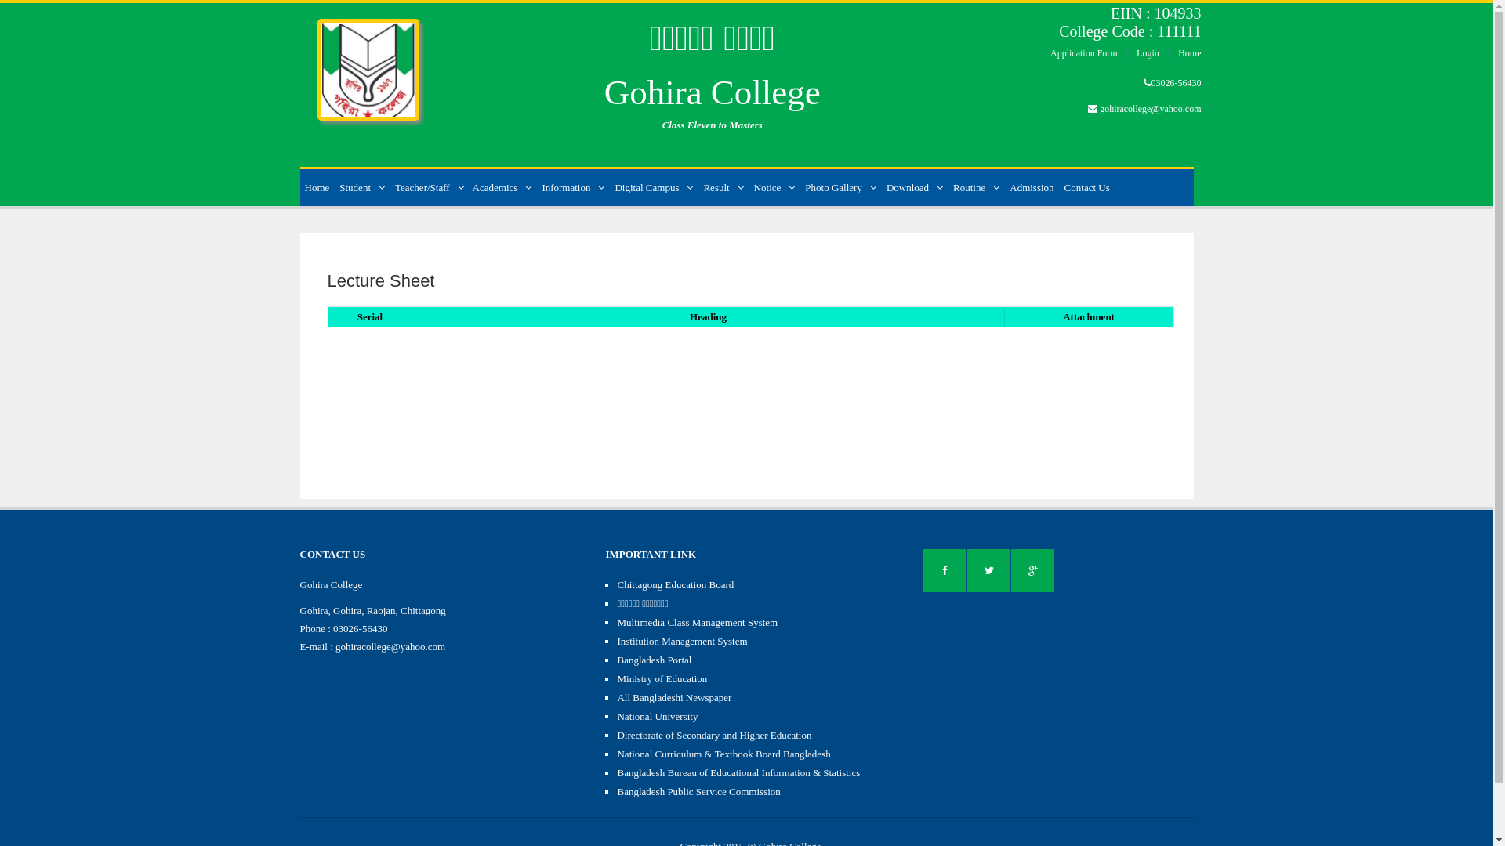 The width and height of the screenshot is (1505, 846). Describe the element at coordinates (1083, 52) in the screenshot. I see `'Application Form'` at that location.